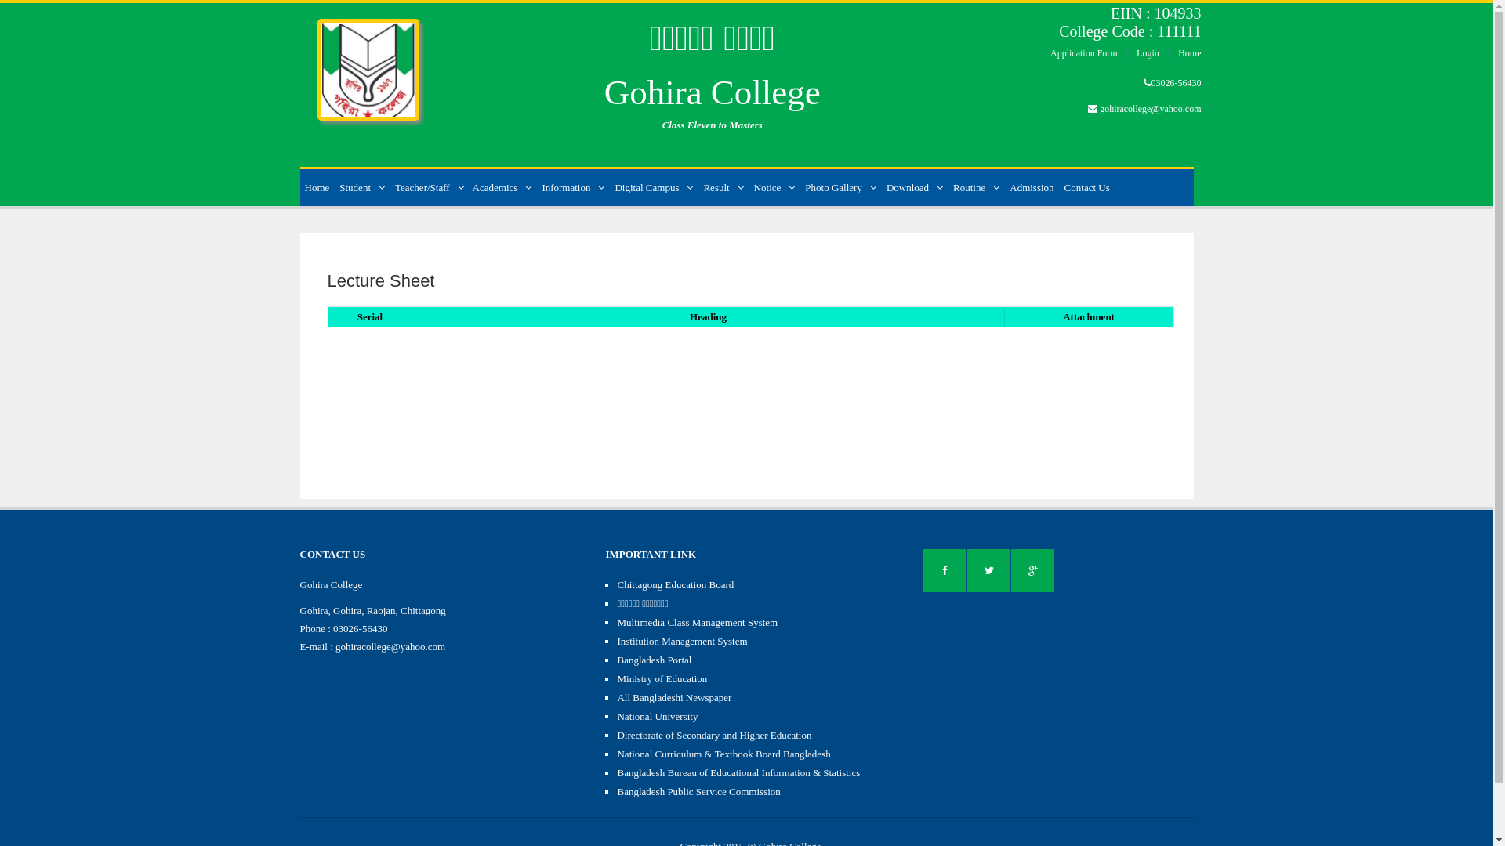 The width and height of the screenshot is (1505, 846). Describe the element at coordinates (1083, 52) in the screenshot. I see `'Application Form'` at that location.